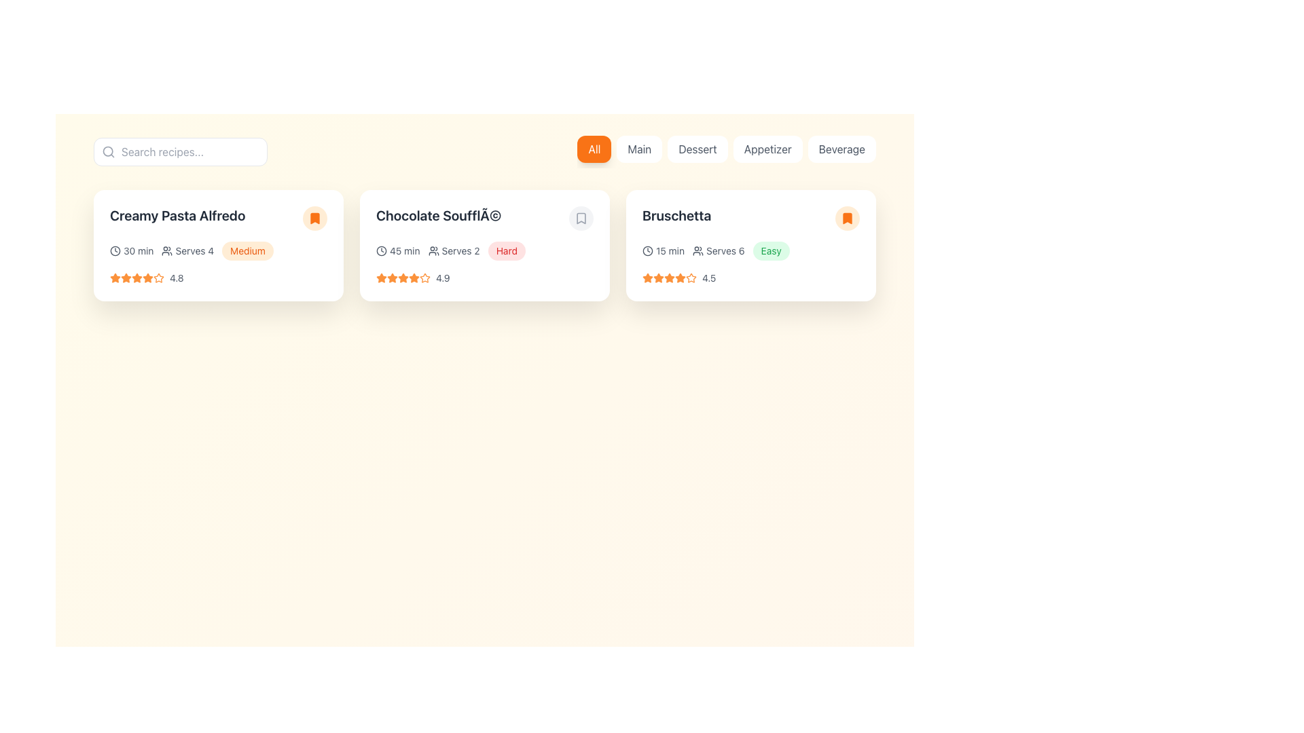  I want to click on the orange five-pointed star icon, so click(380, 277).